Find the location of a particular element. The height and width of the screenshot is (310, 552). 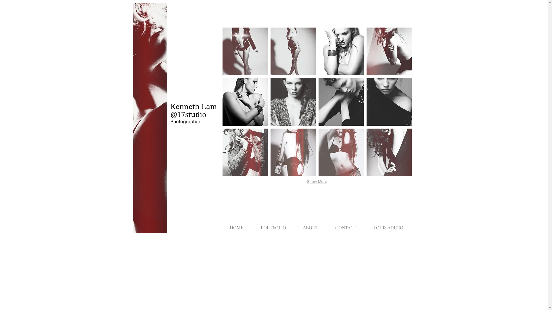

'ABOUT' is located at coordinates (310, 224).